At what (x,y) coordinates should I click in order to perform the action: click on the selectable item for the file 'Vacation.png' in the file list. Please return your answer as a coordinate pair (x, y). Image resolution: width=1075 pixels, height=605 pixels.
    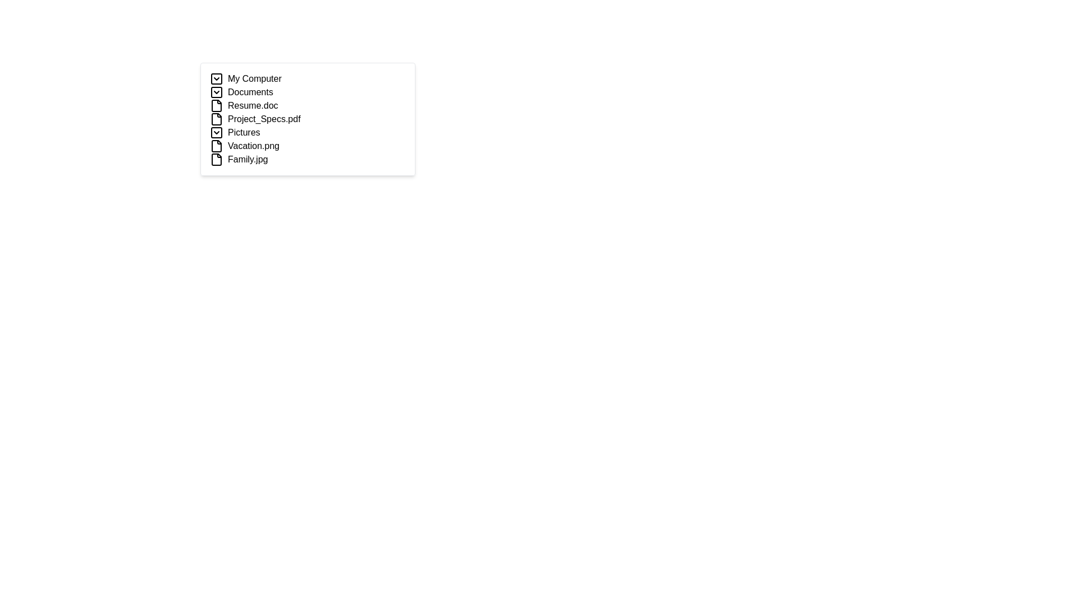
    Looking at the image, I should click on (308, 146).